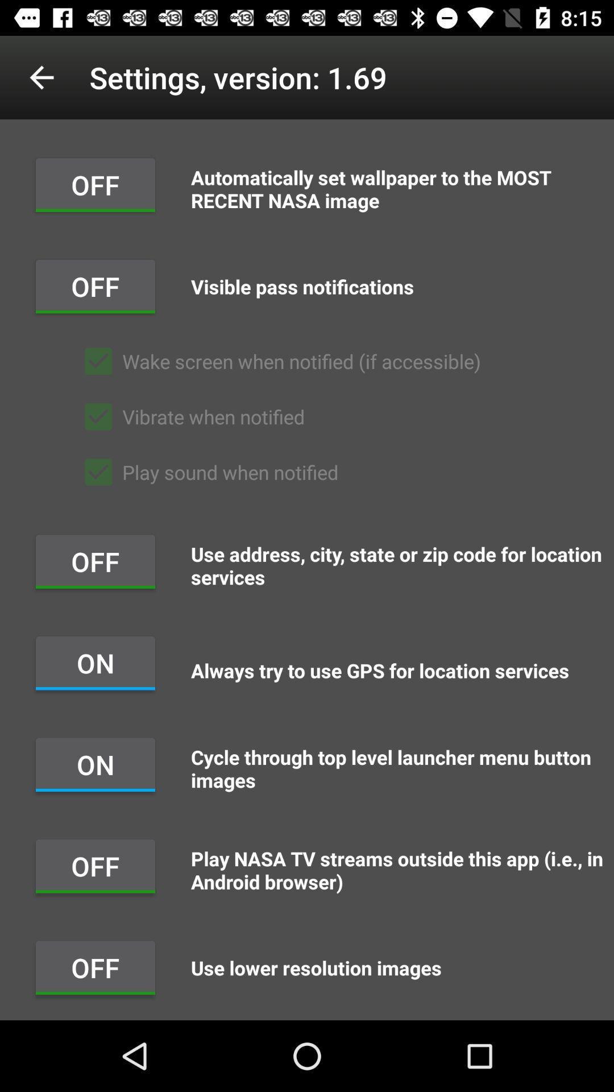 This screenshot has height=1092, width=614. Describe the element at coordinates (277, 361) in the screenshot. I see `wake screen when item` at that location.